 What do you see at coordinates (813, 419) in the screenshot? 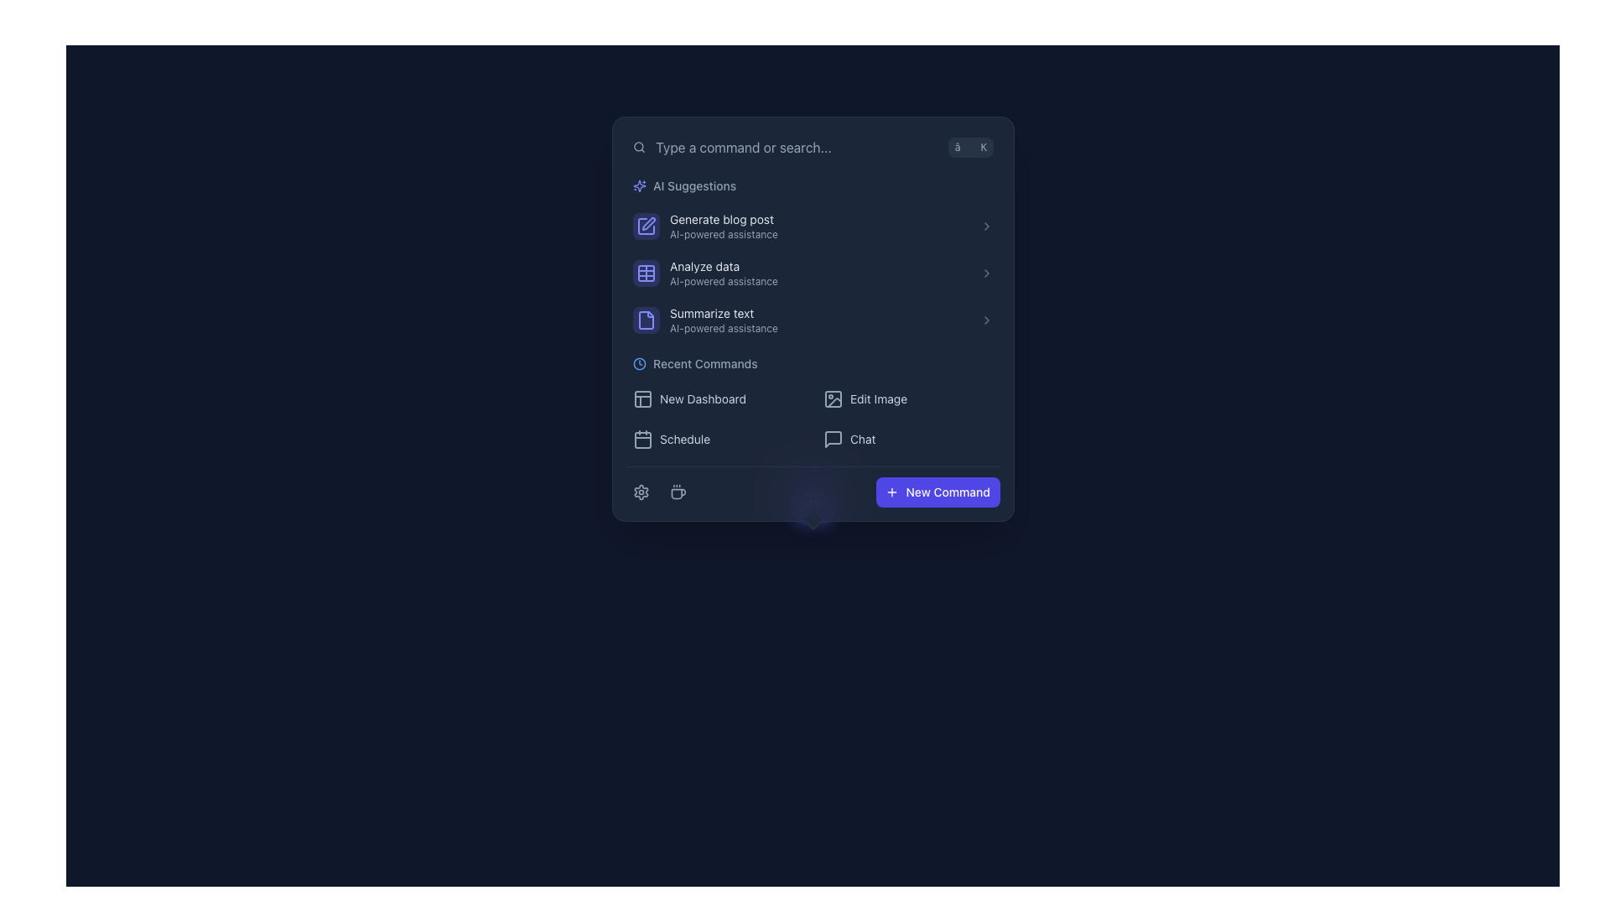
I see `the 'Chat' option in the Grid of interactive menu items, which is located in the Recent Commands section below the AI Suggestions list` at bounding box center [813, 419].